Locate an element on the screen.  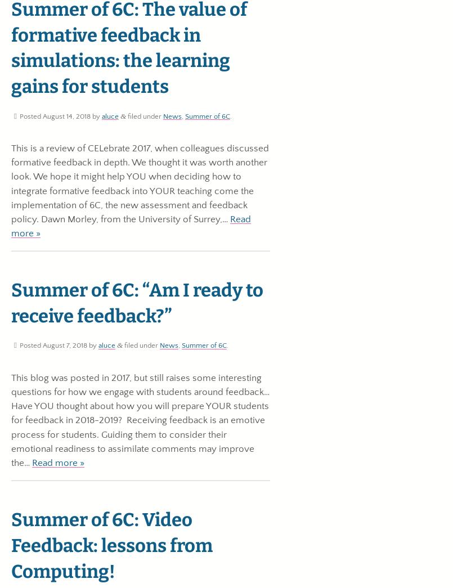
'This blog was posted in 2017, but still raises some interesting questions for how we engage with students around feedback… Have YOU thought about how you will prepare YOUR students for feedback in 2018-2019?  Receiving feedback is an emotive process for students. Guiding them to consider their emotional readiness to assimilate comments may improve the…' is located at coordinates (11, 419).